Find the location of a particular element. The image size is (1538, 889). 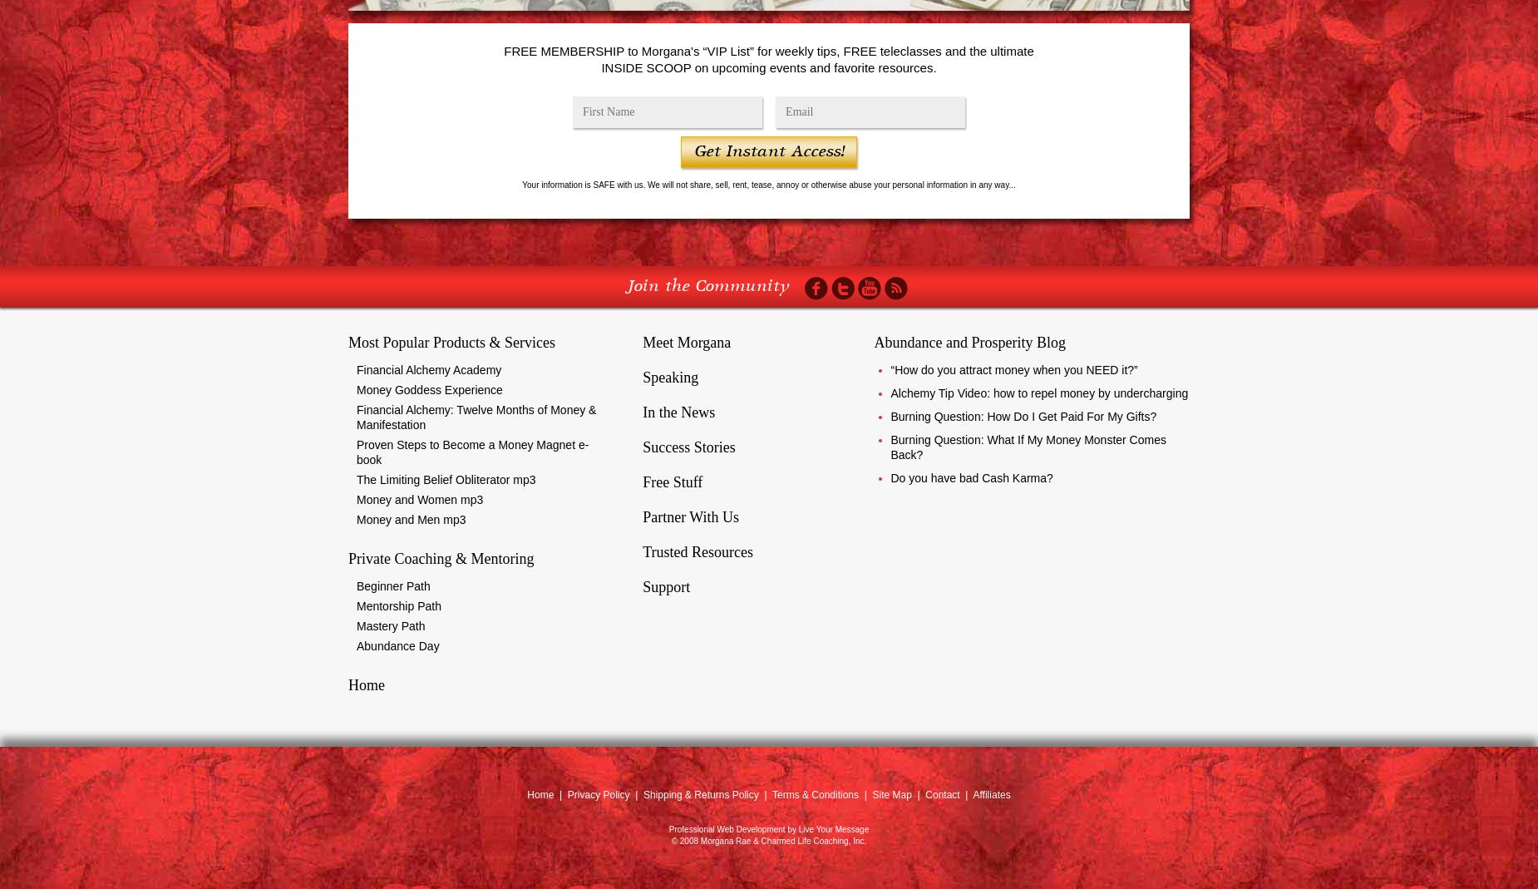

'Affiliates' is located at coordinates (990, 794).